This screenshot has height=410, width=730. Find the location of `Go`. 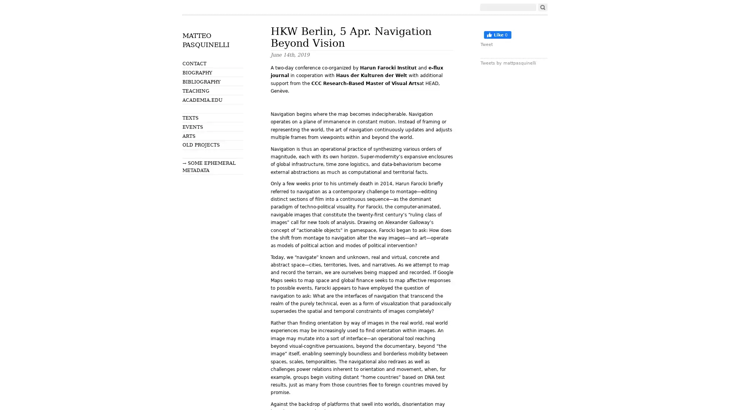

Go is located at coordinates (542, 7).